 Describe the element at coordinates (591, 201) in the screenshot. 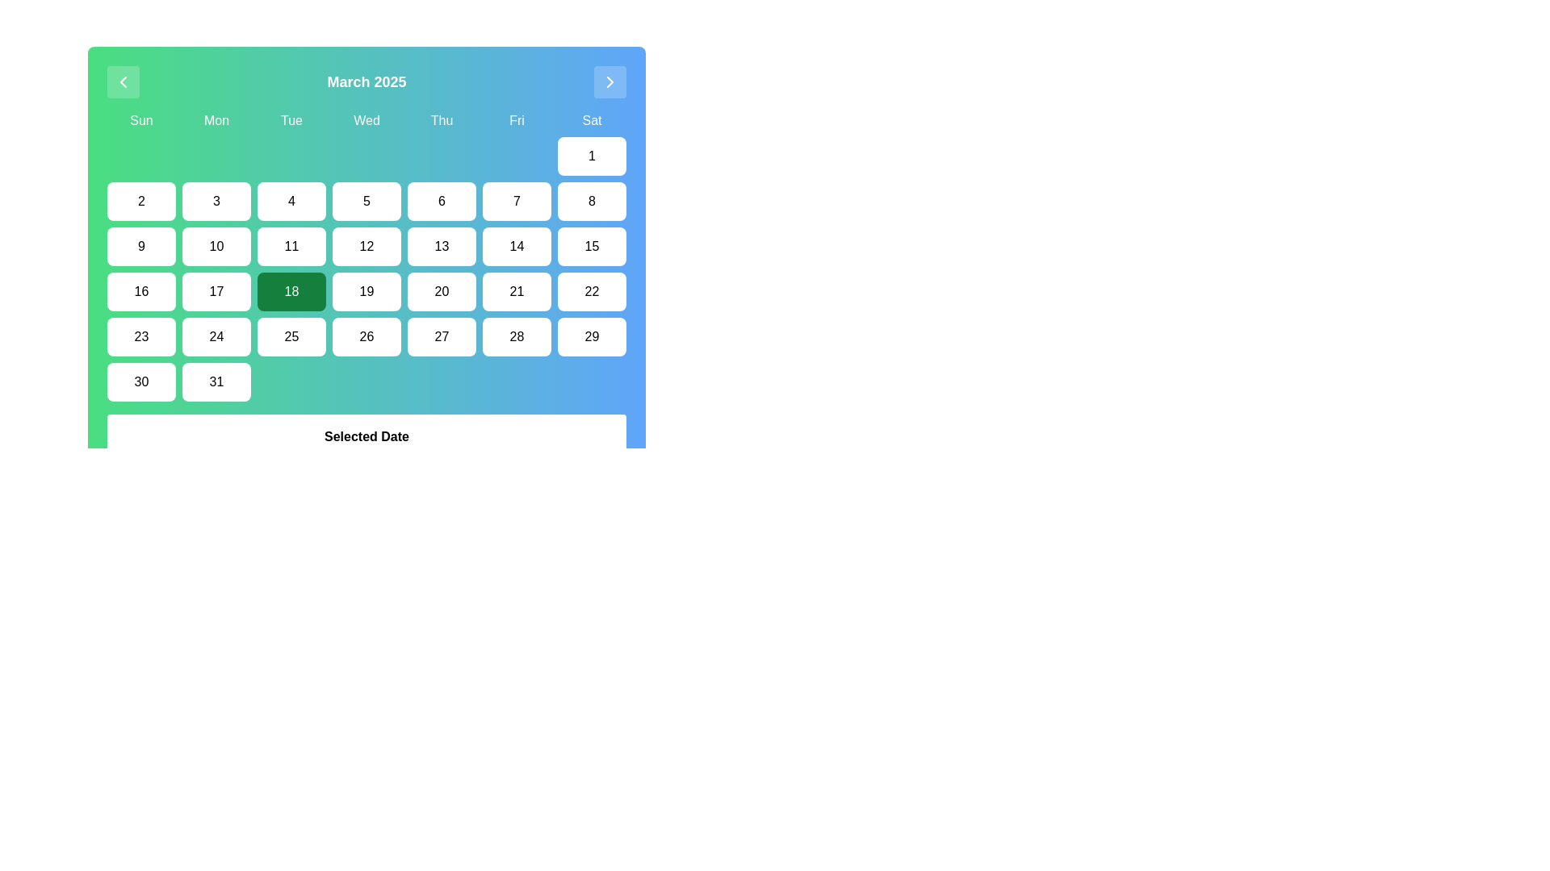

I see `the button representing the date '8' in the second row under the Saturday column in the calendar layout` at that location.